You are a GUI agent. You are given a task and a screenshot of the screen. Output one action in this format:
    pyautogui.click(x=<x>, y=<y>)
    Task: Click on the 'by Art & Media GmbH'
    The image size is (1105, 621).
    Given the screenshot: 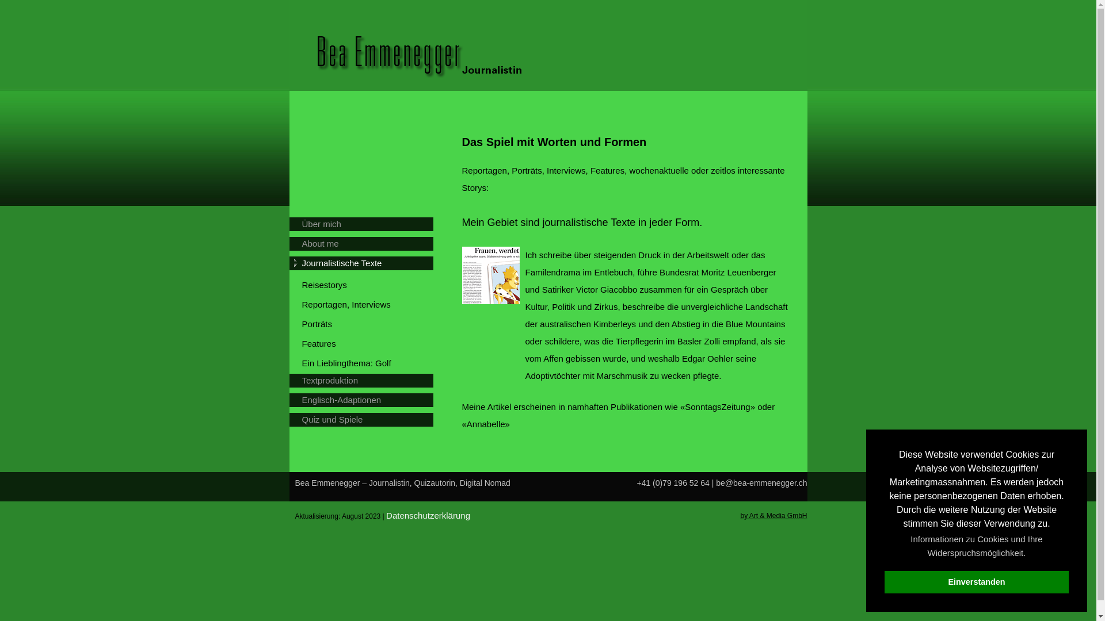 What is the action you would take?
    pyautogui.click(x=773, y=515)
    